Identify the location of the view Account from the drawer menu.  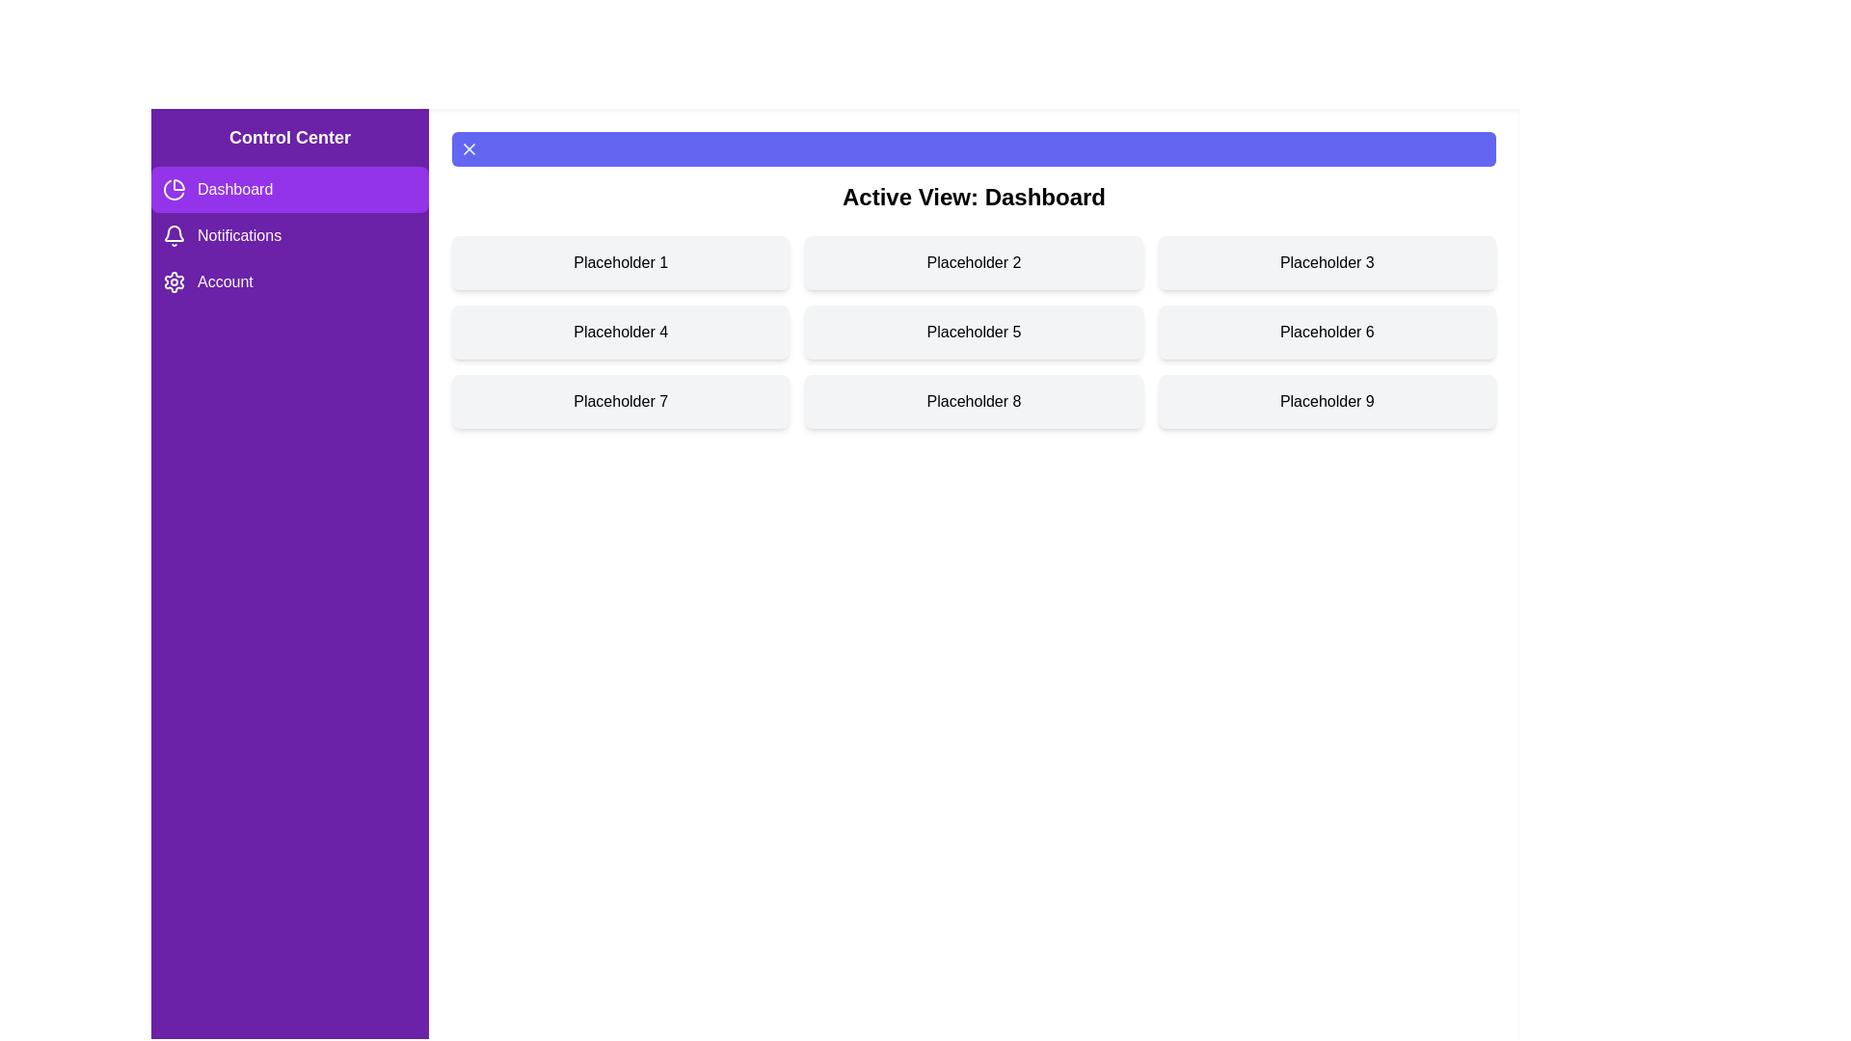
(289, 282).